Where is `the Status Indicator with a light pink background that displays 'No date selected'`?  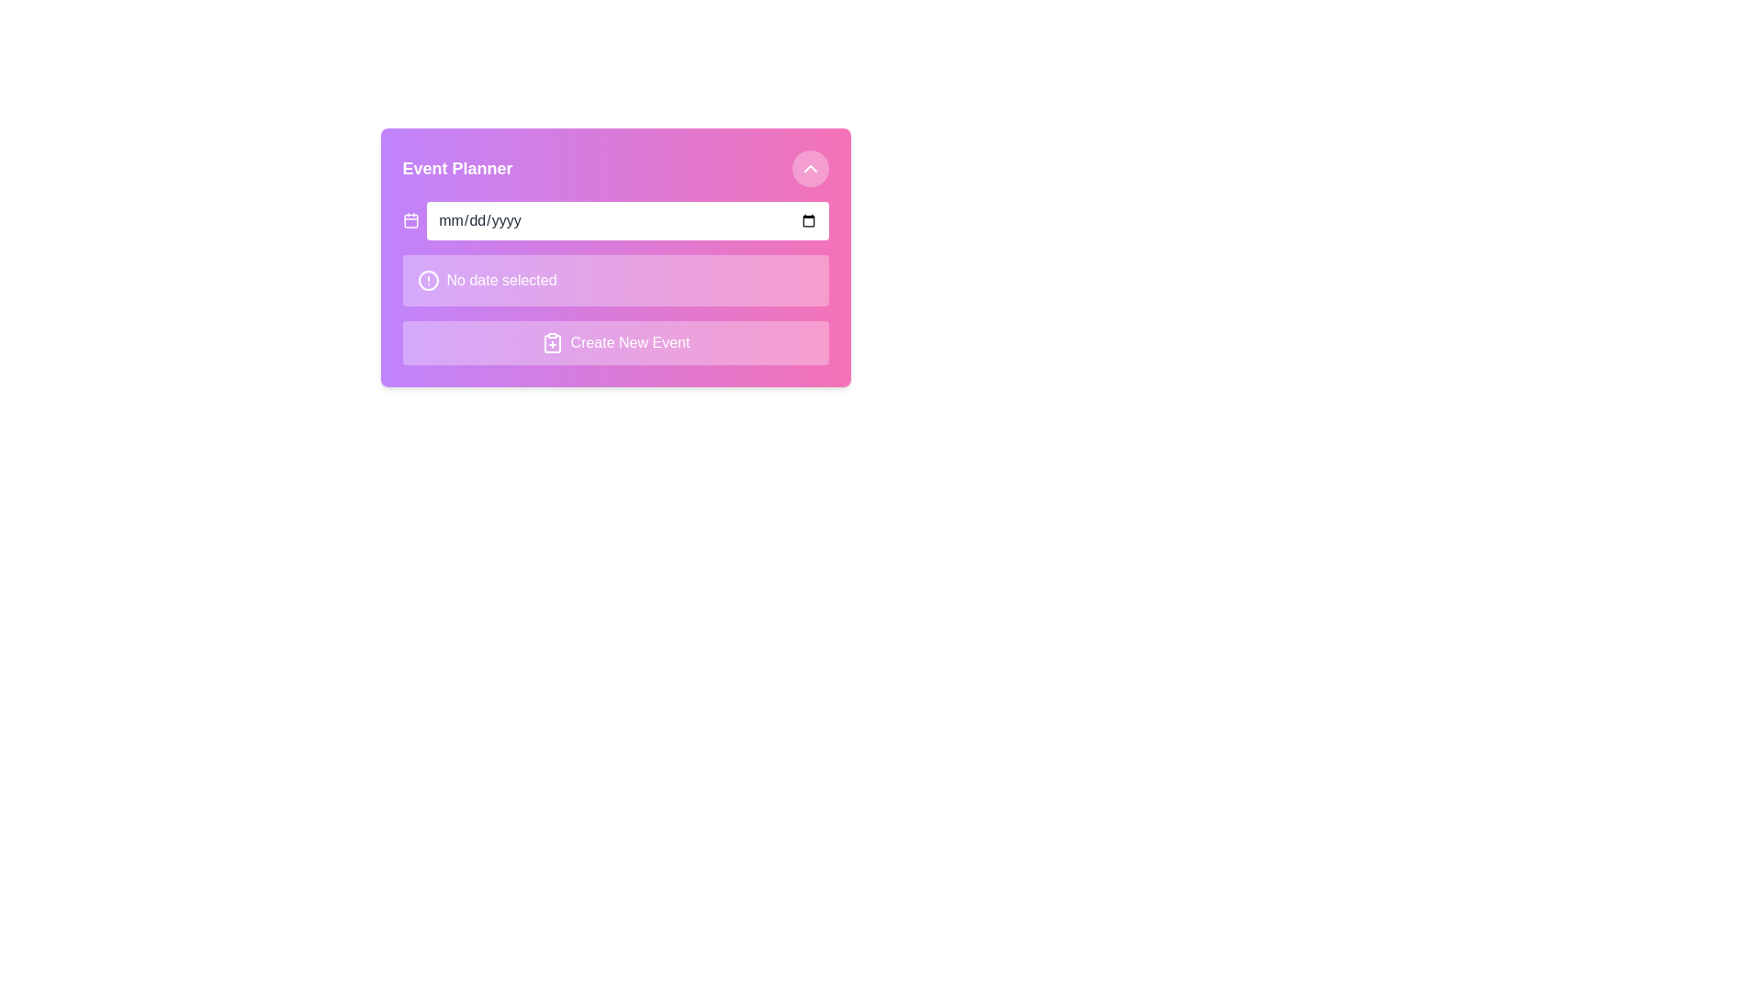 the Status Indicator with a light pink background that displays 'No date selected' is located at coordinates (615, 280).